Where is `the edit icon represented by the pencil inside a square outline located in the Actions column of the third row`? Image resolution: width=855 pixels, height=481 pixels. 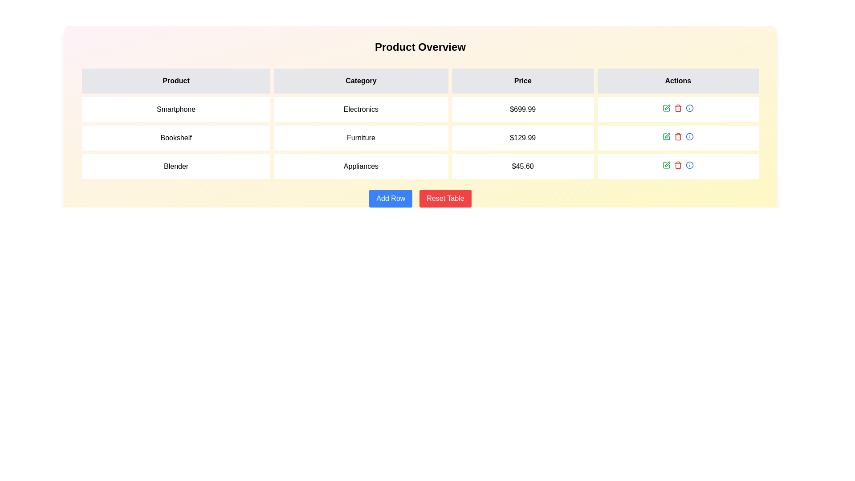
the edit icon represented by the pencil inside a square outline located in the Actions column of the third row is located at coordinates (666, 165).